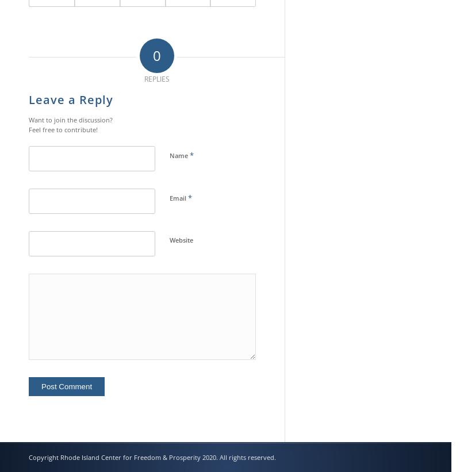  Describe the element at coordinates (70, 119) in the screenshot. I see `'Want to join the discussion?'` at that location.